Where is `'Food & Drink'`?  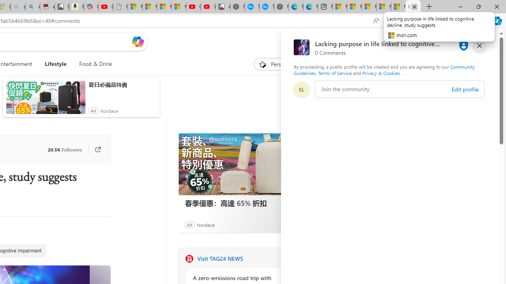 'Food & Drink' is located at coordinates (93, 64).